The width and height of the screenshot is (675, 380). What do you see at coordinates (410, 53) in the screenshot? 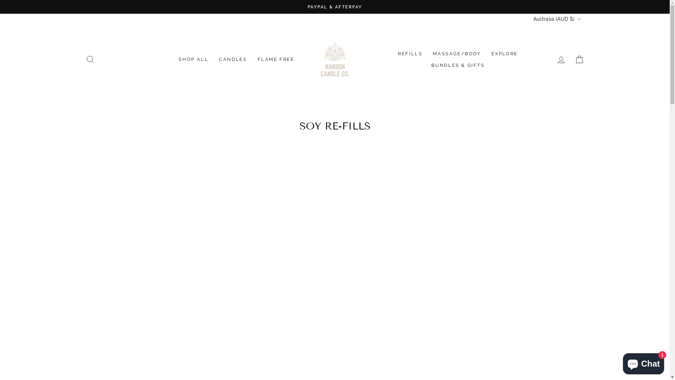
I see `'REFILLS'` at bounding box center [410, 53].